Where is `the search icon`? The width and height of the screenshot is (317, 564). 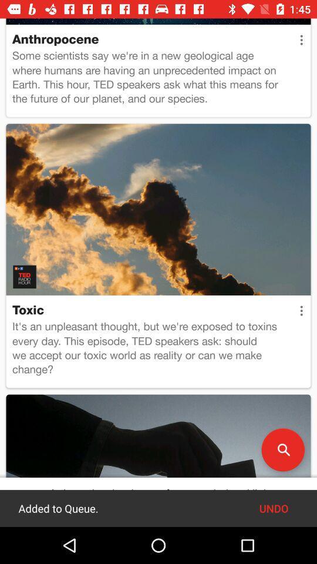
the search icon is located at coordinates (282, 449).